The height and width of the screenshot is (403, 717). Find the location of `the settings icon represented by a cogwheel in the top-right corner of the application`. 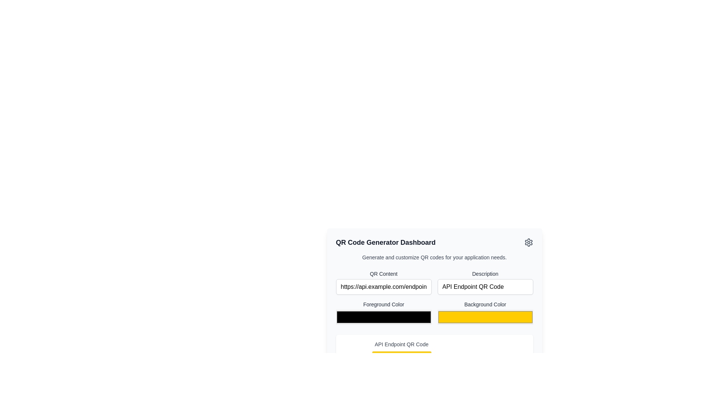

the settings icon represented by a cogwheel in the top-right corner of the application is located at coordinates (528, 243).